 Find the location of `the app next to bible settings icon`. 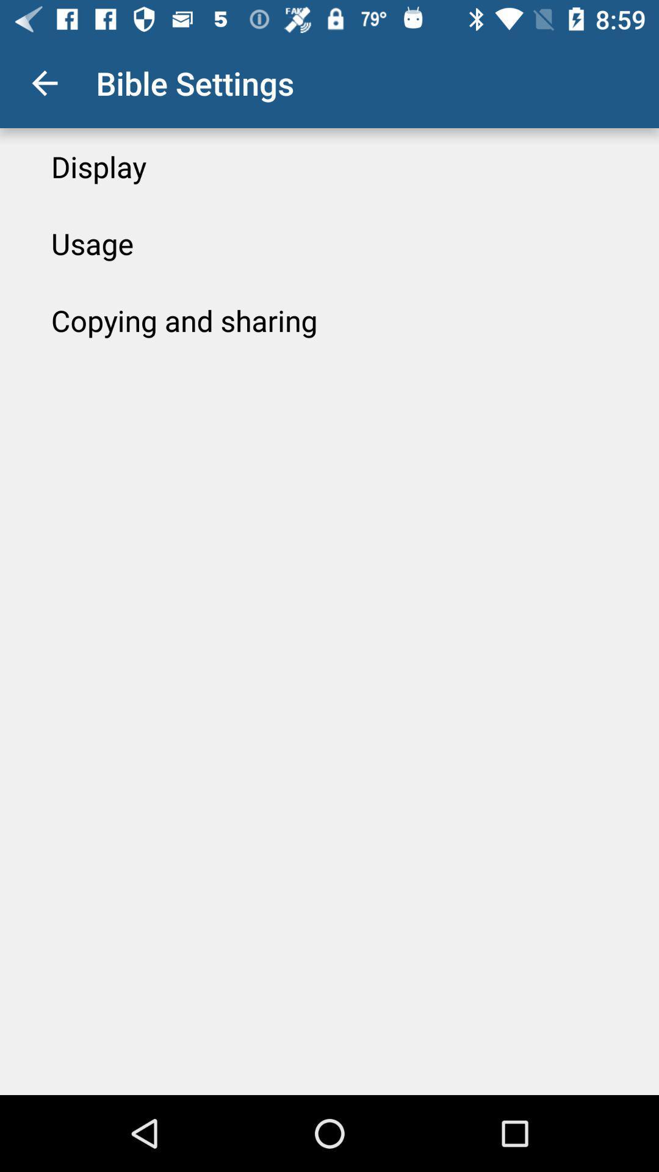

the app next to bible settings icon is located at coordinates (44, 82).